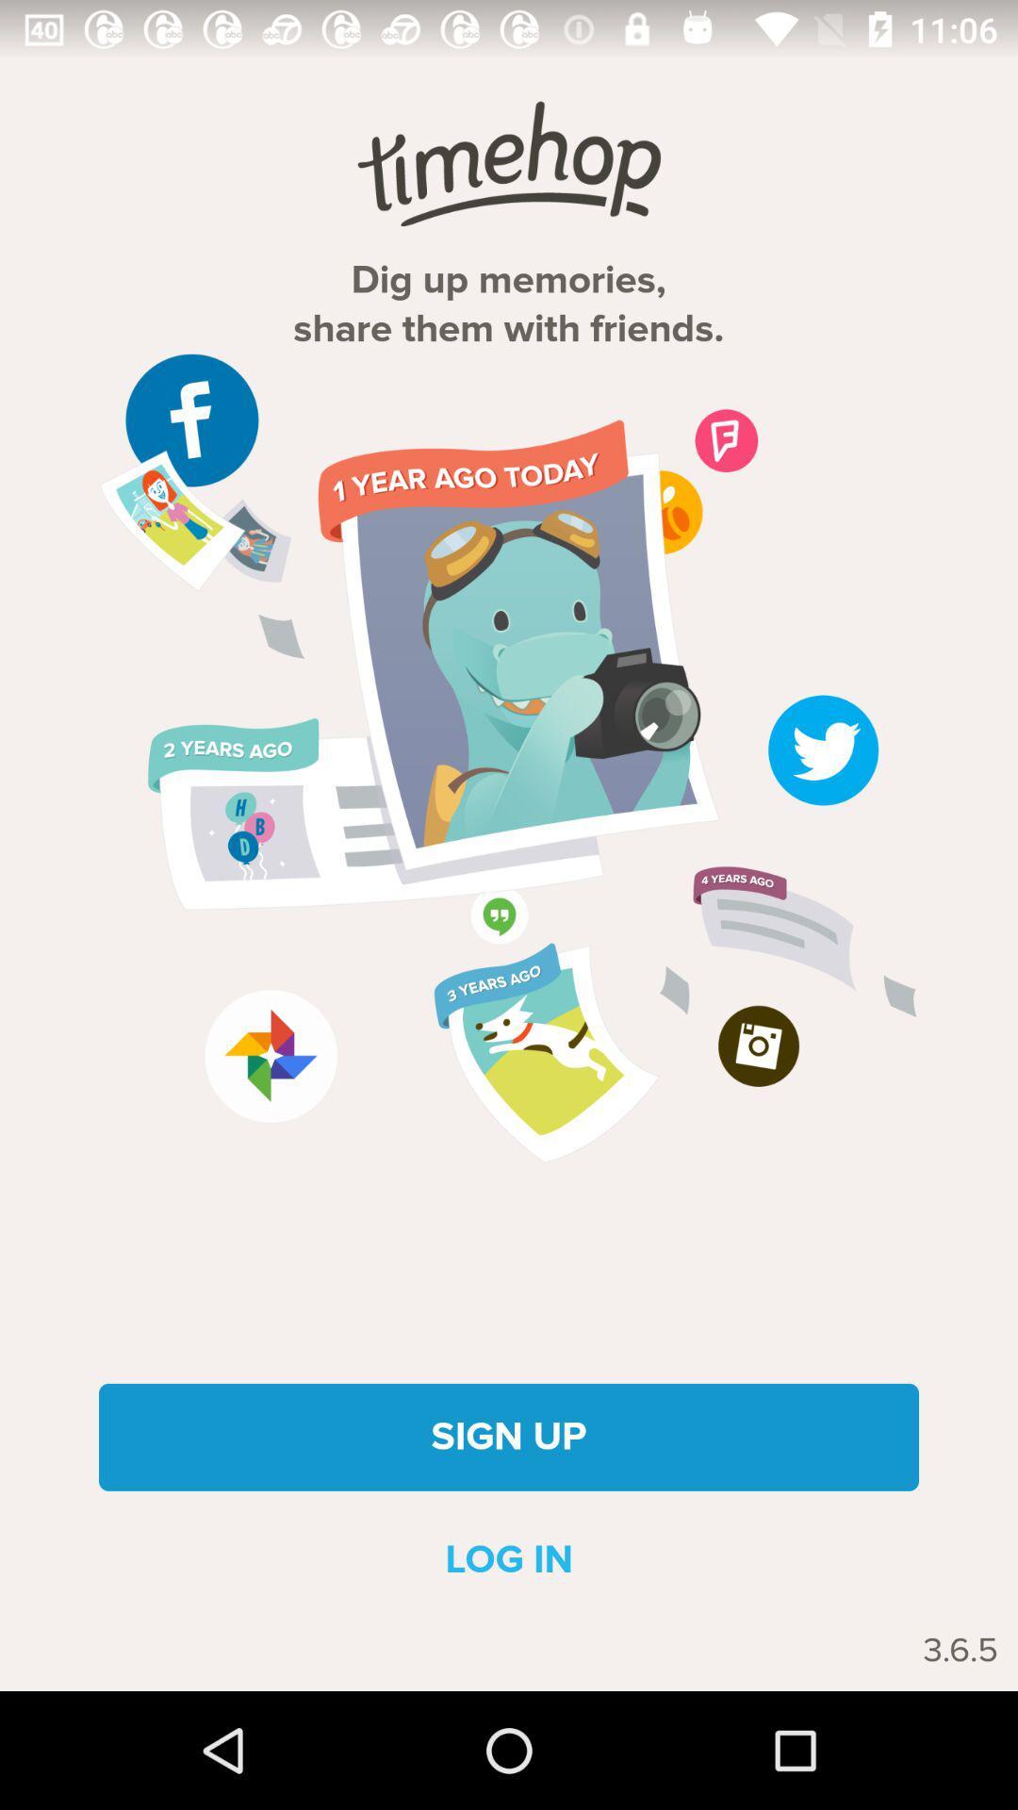  What do you see at coordinates (509, 1560) in the screenshot?
I see `the item below sign up item` at bounding box center [509, 1560].